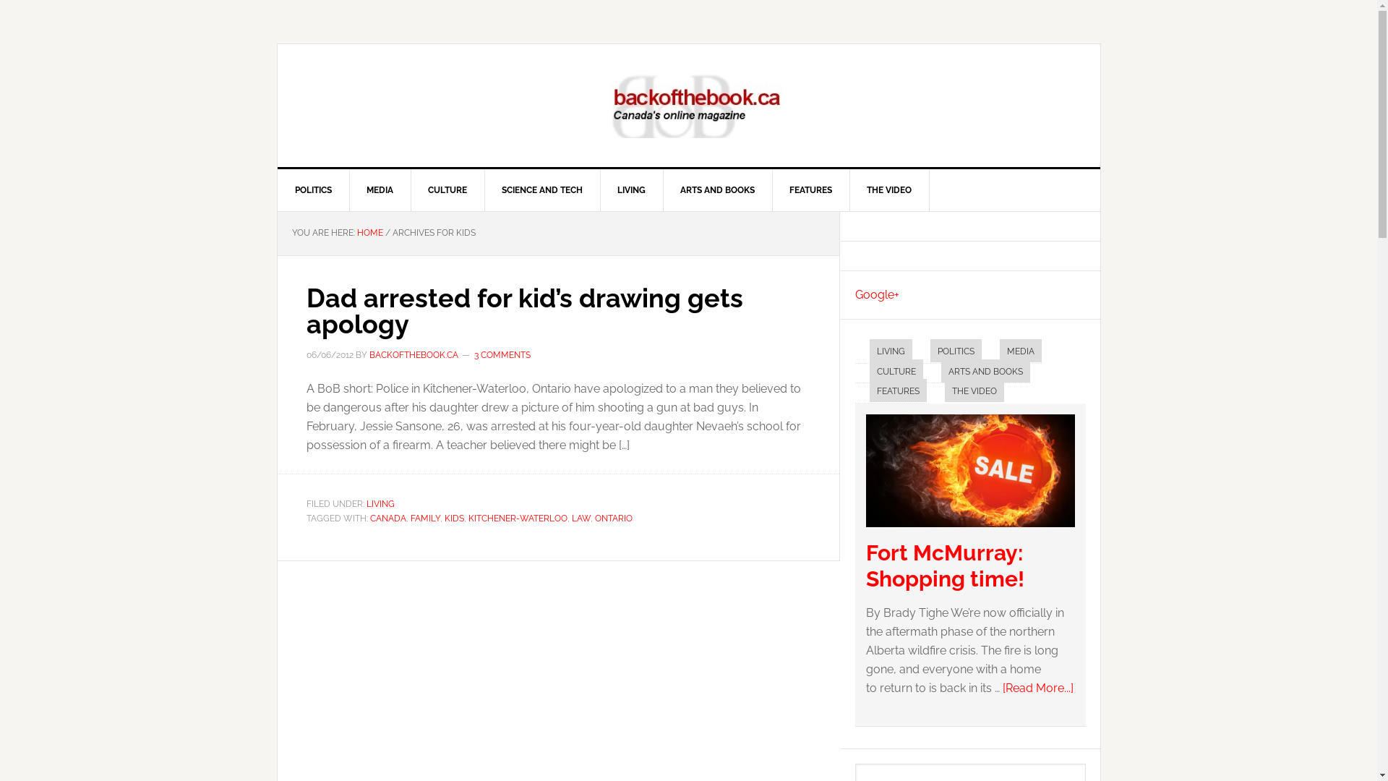 The width and height of the screenshot is (1388, 781). What do you see at coordinates (998, 351) in the screenshot?
I see `'MEDIA'` at bounding box center [998, 351].